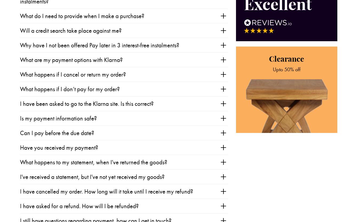  Describe the element at coordinates (61, 202) in the screenshot. I see `'Customer Care'` at that location.